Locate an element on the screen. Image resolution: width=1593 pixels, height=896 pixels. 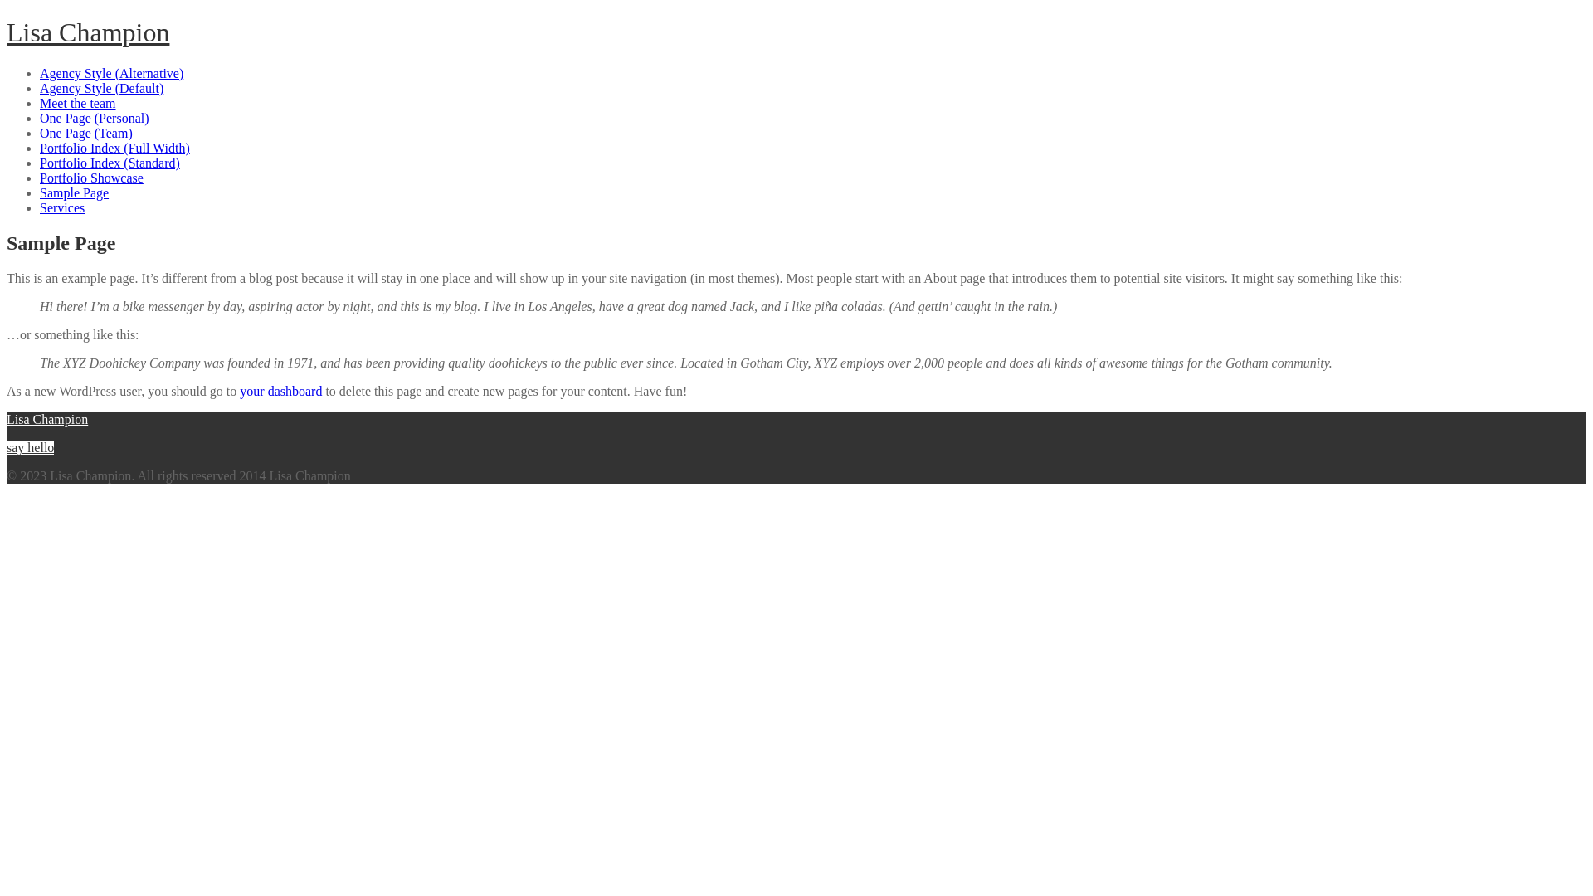
'your dashboard' is located at coordinates (280, 391).